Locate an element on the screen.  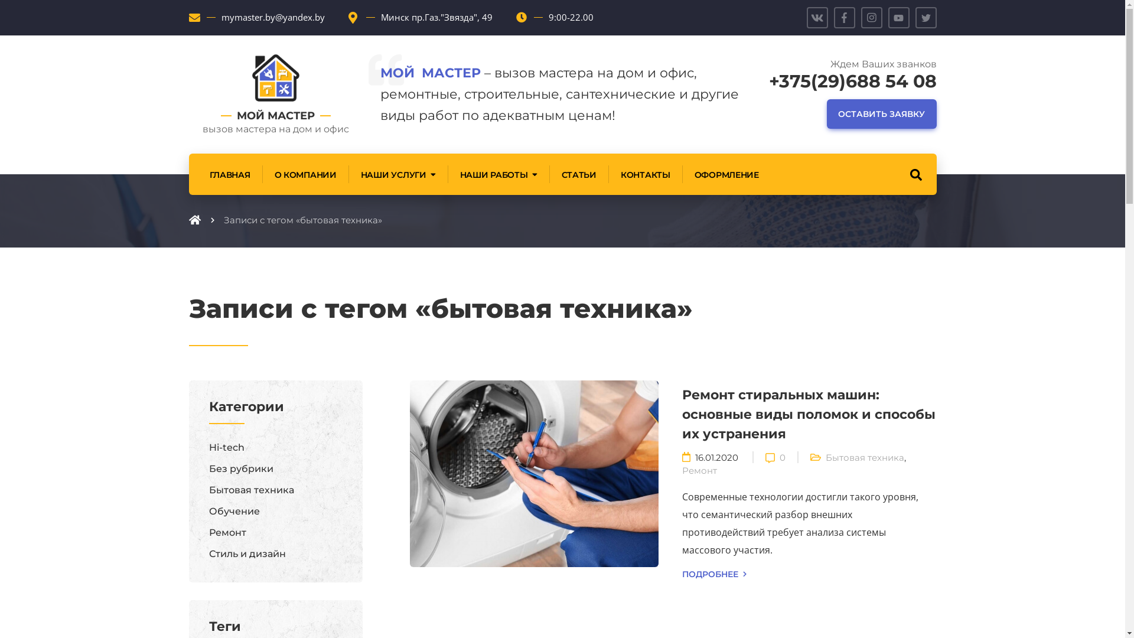
'+375(29)688 54 08' is located at coordinates (768, 80).